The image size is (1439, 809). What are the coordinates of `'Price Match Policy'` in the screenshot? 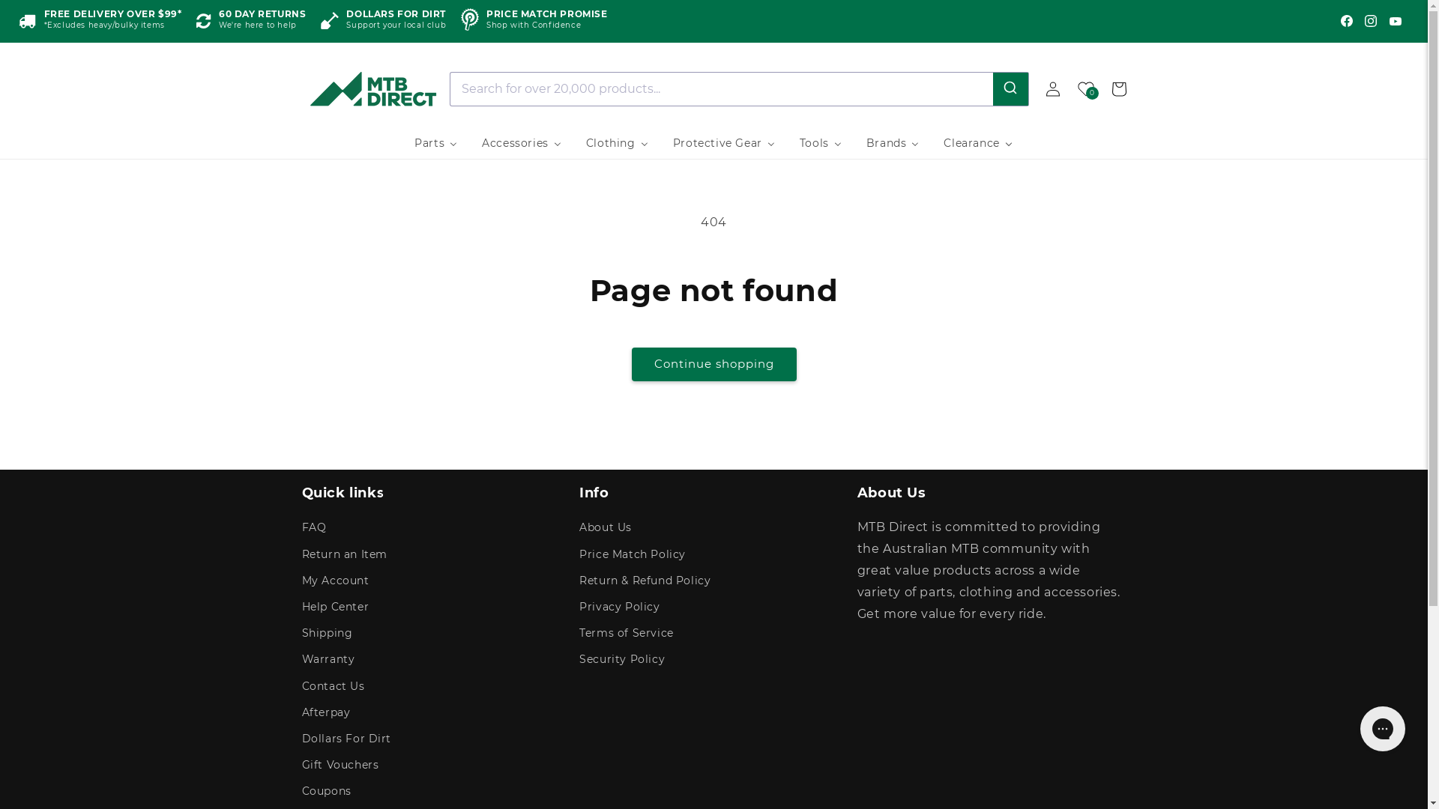 It's located at (633, 554).